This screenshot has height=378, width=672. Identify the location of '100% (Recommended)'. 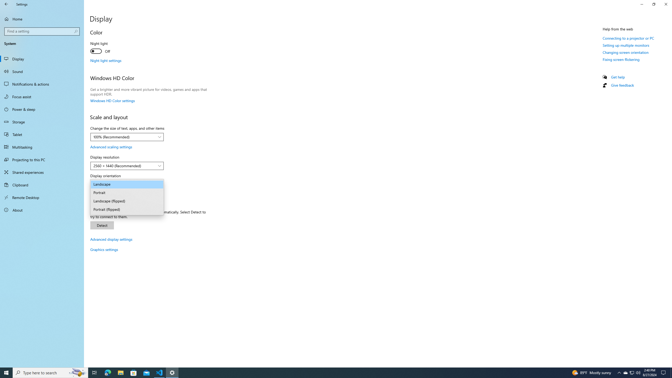
(124, 137).